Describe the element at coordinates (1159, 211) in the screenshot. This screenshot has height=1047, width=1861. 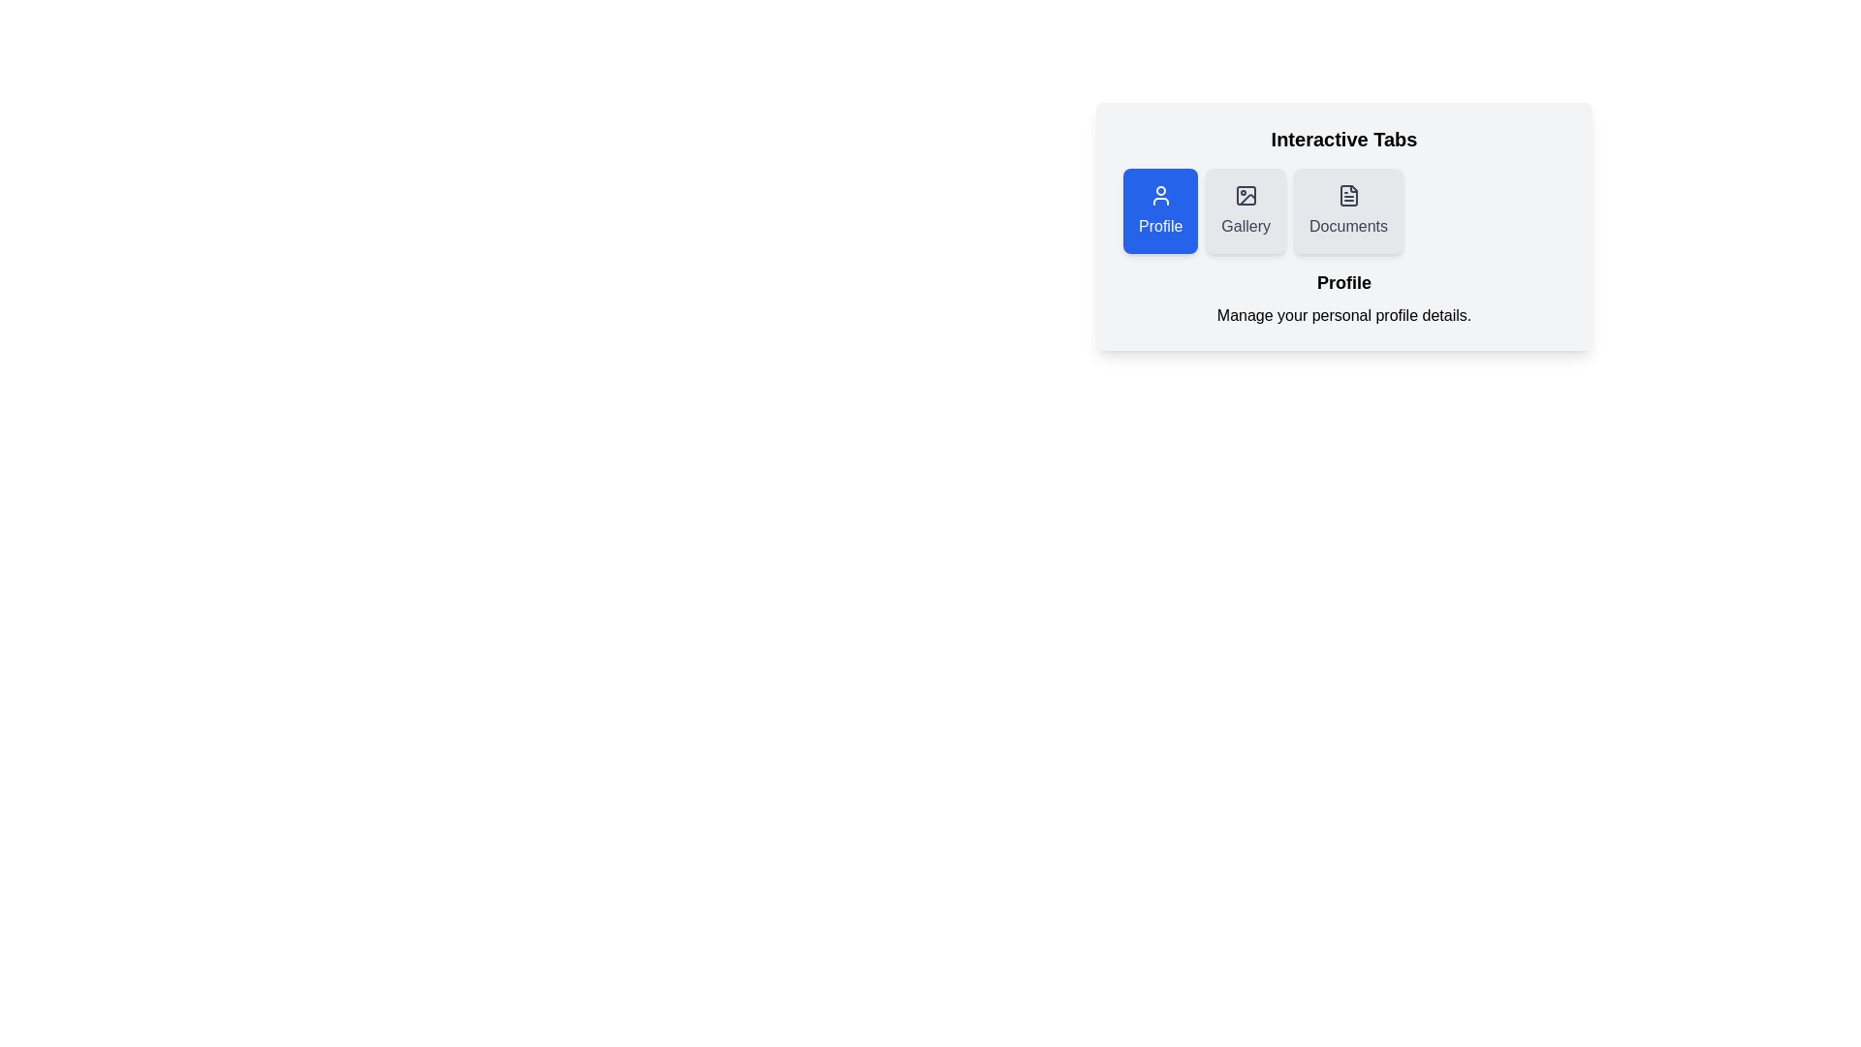
I see `the Profile tab by clicking on it` at that location.